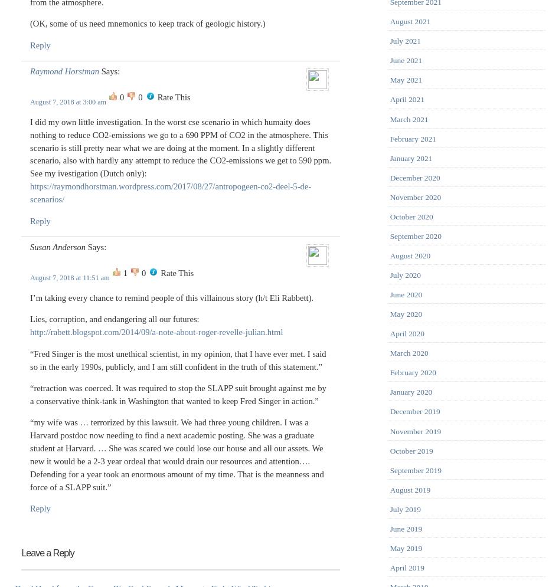 The width and height of the screenshot is (552, 587). Describe the element at coordinates (57, 247) in the screenshot. I see `'Susan Anderson'` at that location.